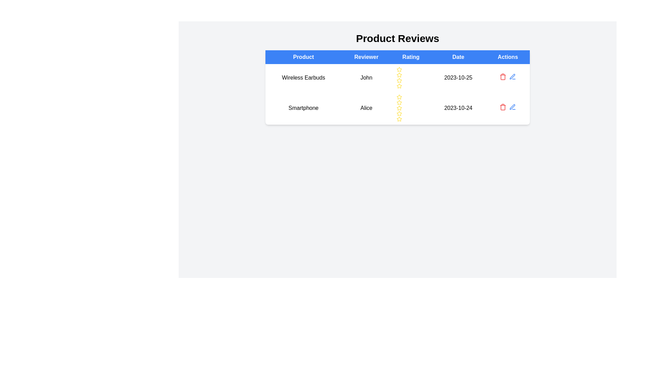 This screenshot has width=661, height=372. Describe the element at coordinates (503, 107) in the screenshot. I see `the delete button located in the 'Actions' column of the second row in the product reviews table` at that location.